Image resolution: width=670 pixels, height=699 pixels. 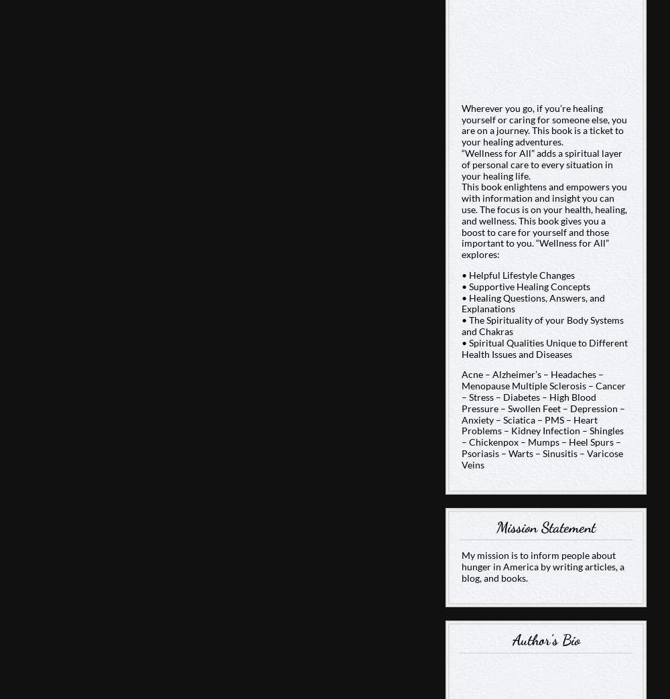 What do you see at coordinates (525, 285) in the screenshot?
I see `'• Supportive Healing Concepts'` at bounding box center [525, 285].